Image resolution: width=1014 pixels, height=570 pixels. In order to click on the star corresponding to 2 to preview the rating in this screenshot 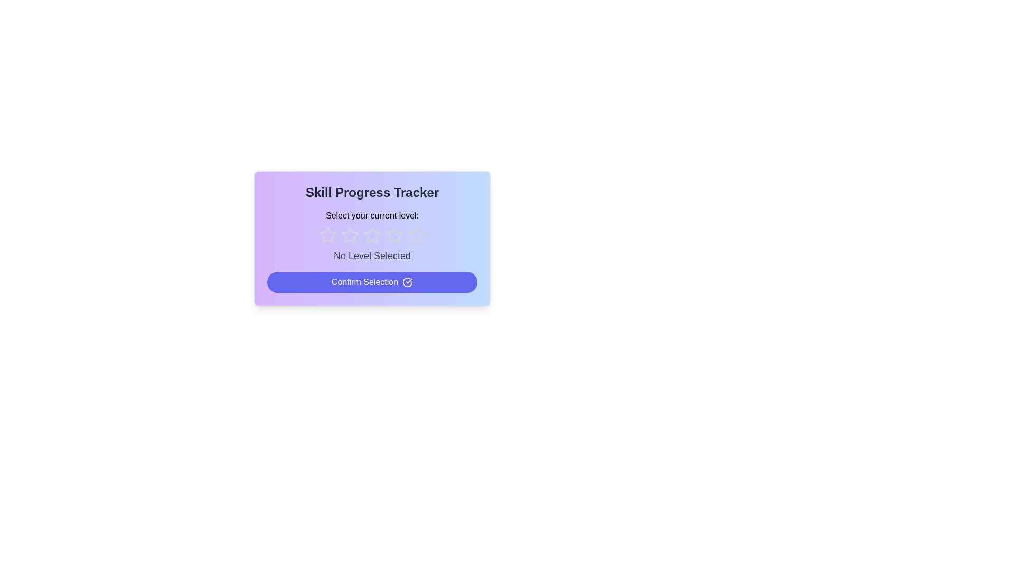, I will do `click(350, 235)`.